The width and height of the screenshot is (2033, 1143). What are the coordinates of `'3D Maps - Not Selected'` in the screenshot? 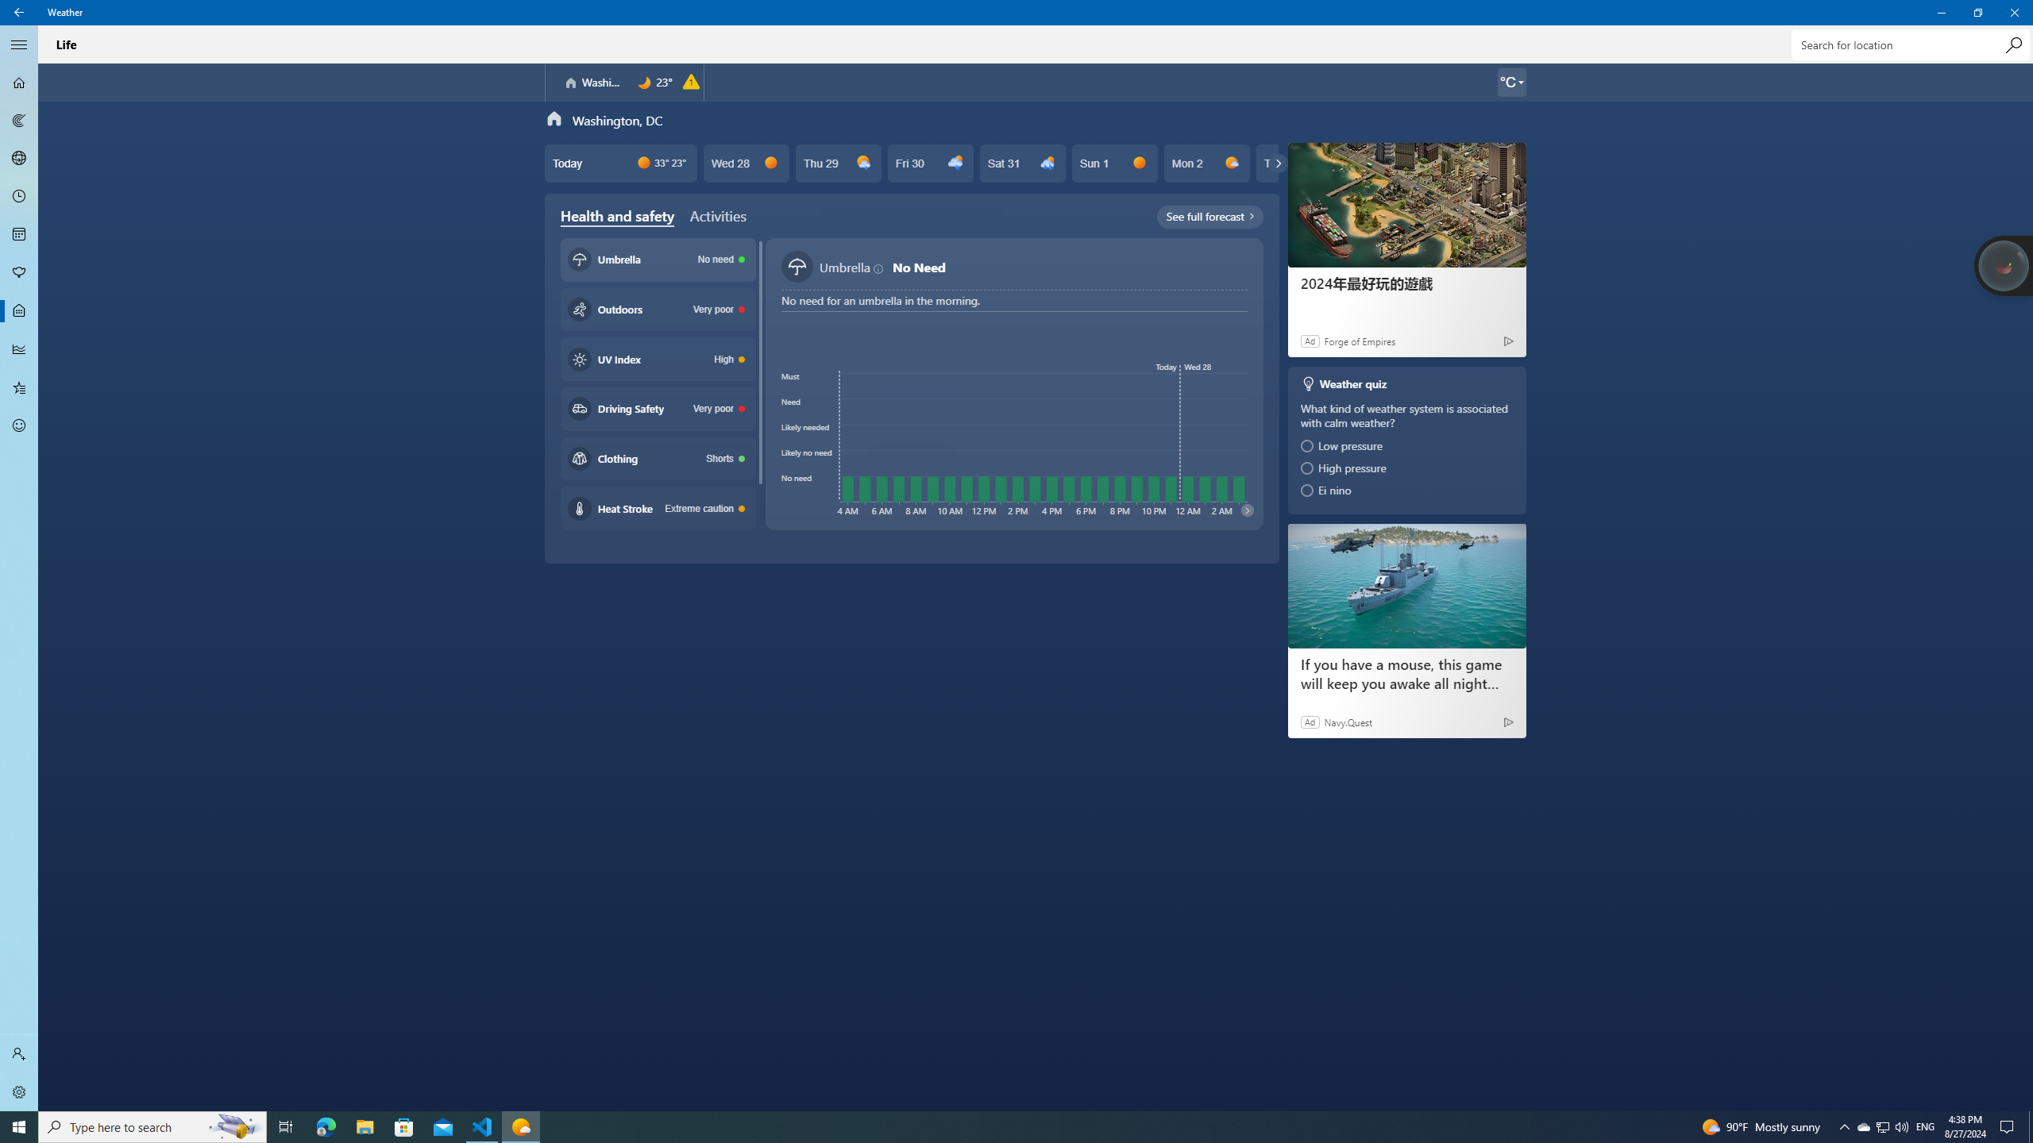 It's located at (19, 158).